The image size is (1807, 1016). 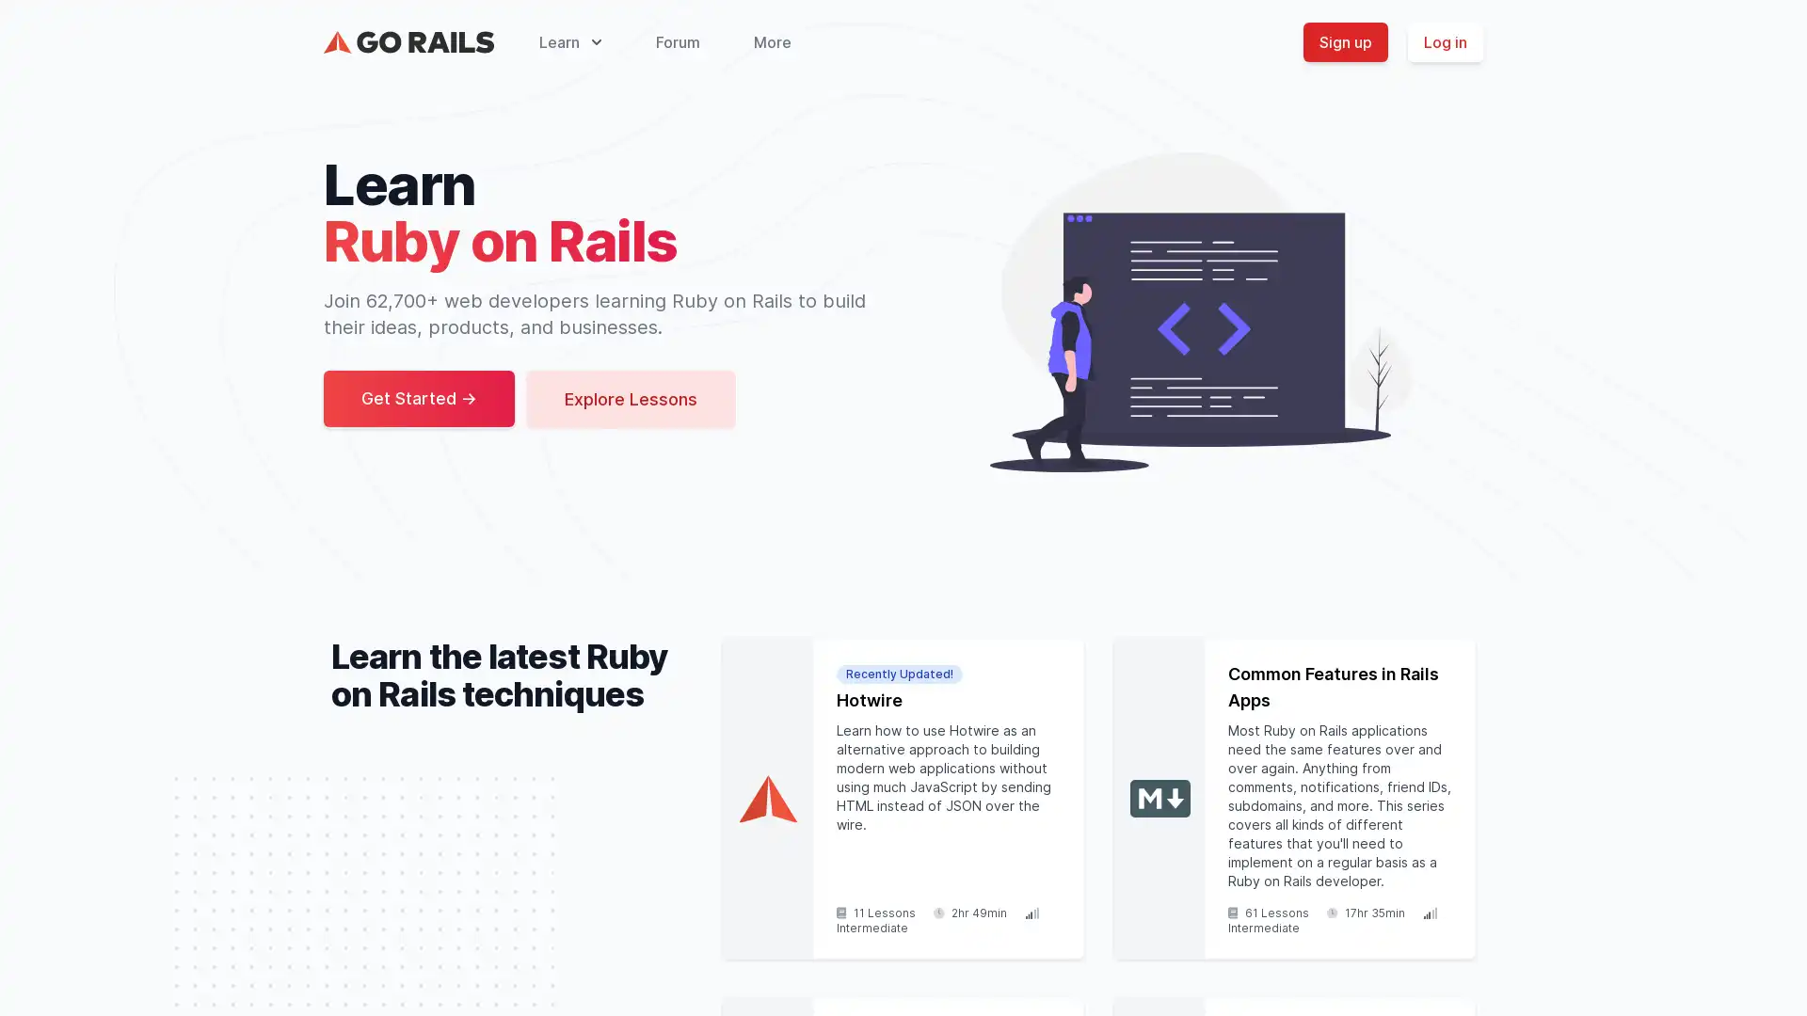 I want to click on More, so click(x=772, y=42).